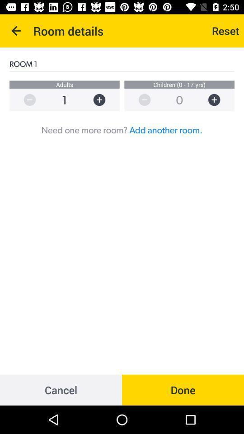 Image resolution: width=244 pixels, height=434 pixels. What do you see at coordinates (218, 100) in the screenshot?
I see `object` at bounding box center [218, 100].